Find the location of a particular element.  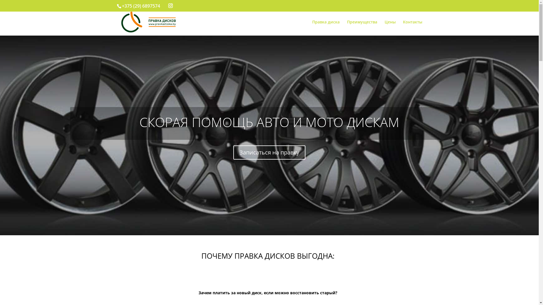

'+375 (29) 6897574' is located at coordinates (141, 6).